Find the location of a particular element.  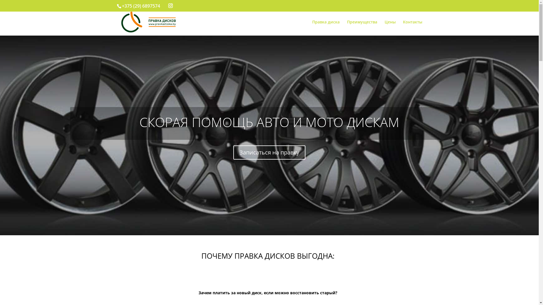

'+375 (29) 6897574' is located at coordinates (141, 6).